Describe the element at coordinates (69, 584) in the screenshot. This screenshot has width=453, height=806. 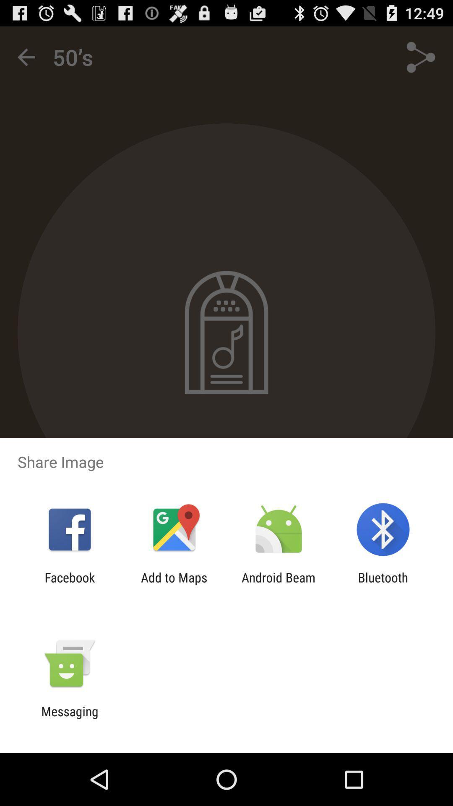
I see `the facebook app` at that location.